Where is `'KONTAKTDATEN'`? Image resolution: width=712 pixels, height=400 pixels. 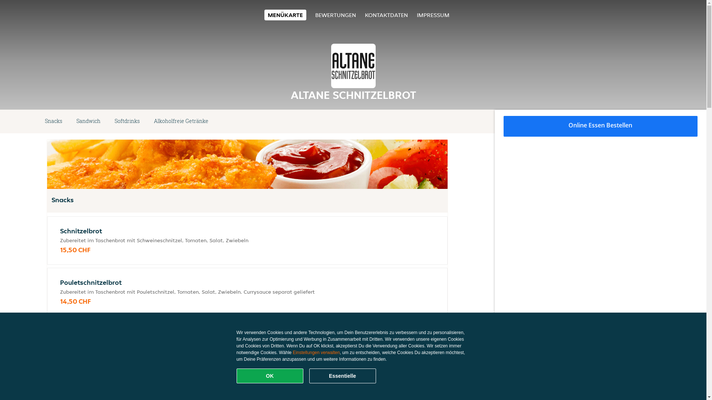
'KONTAKTDATEN' is located at coordinates (365, 15).